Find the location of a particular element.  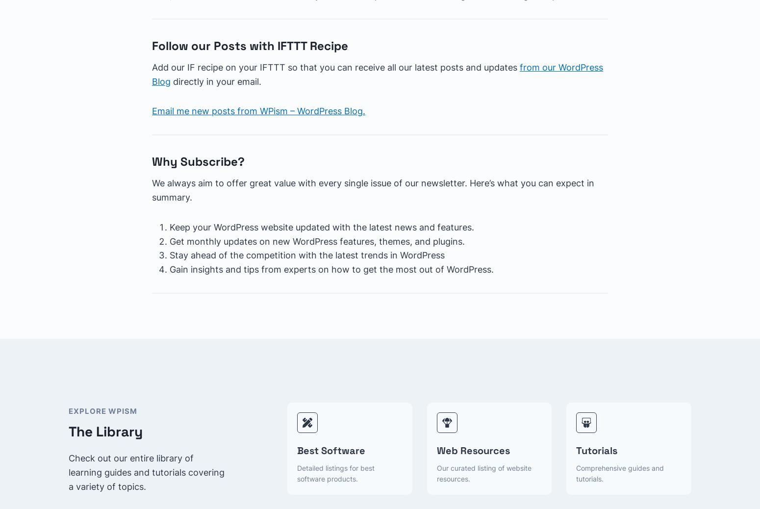

'directly in your email.' is located at coordinates (170, 80).